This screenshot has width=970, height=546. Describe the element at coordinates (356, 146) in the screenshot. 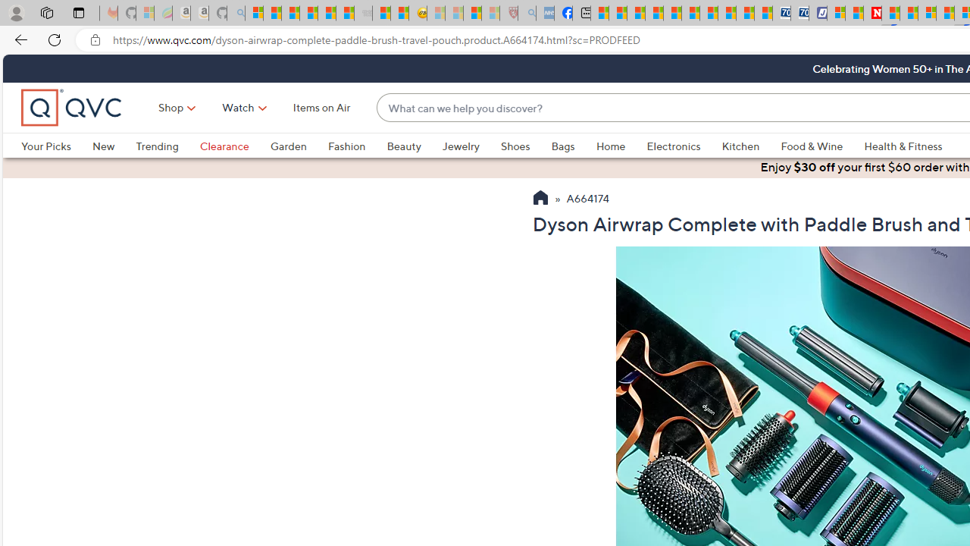

I see `'Fashion'` at that location.